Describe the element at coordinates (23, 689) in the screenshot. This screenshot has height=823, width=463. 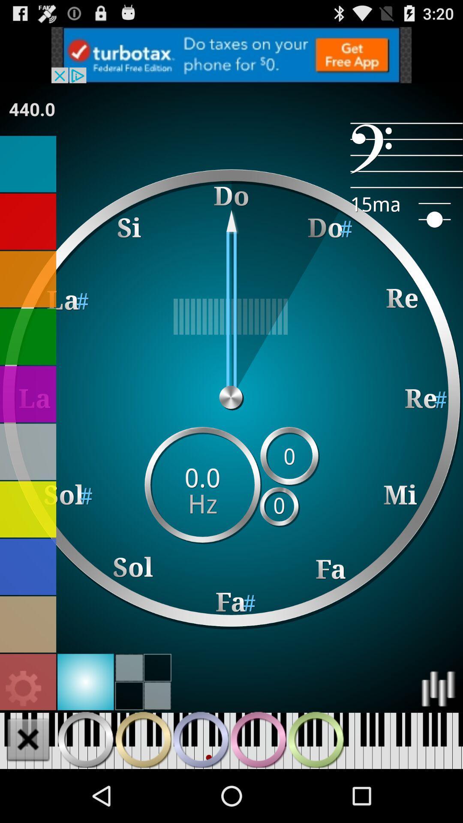
I see `this should be more colorful` at that location.